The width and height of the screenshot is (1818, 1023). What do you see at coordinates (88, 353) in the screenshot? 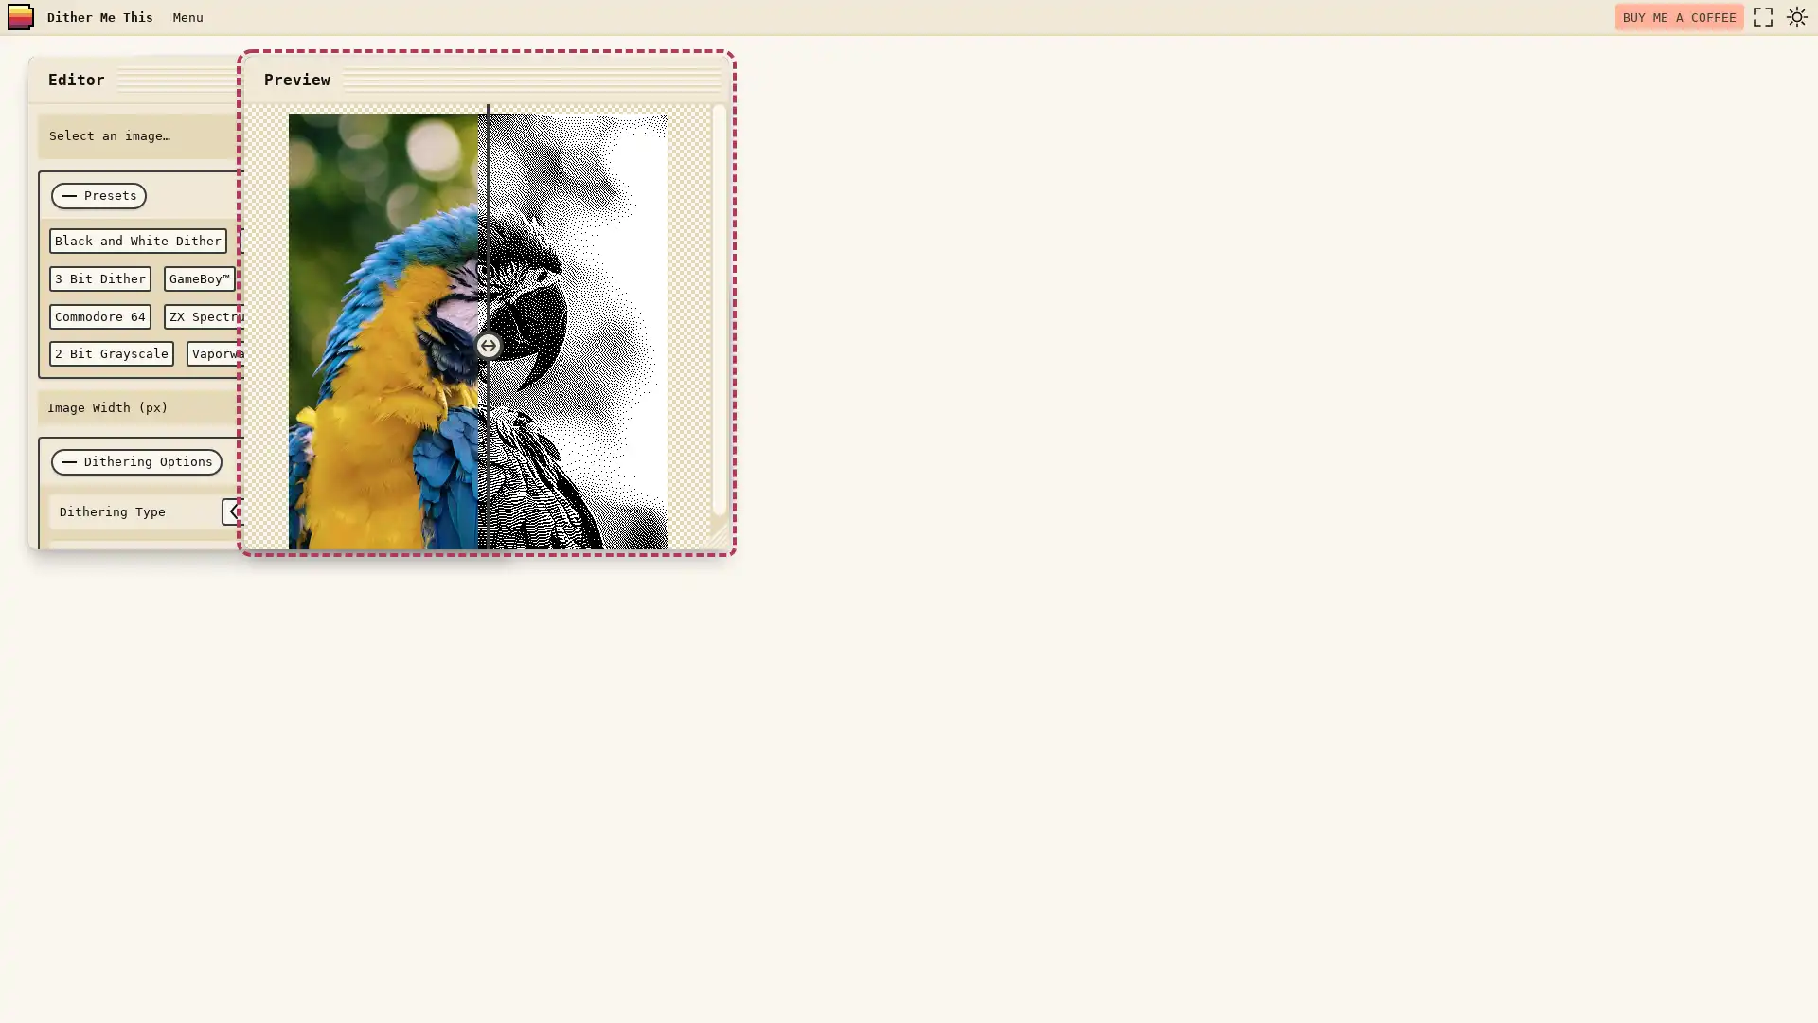
I see `Vaporwave` at bounding box center [88, 353].